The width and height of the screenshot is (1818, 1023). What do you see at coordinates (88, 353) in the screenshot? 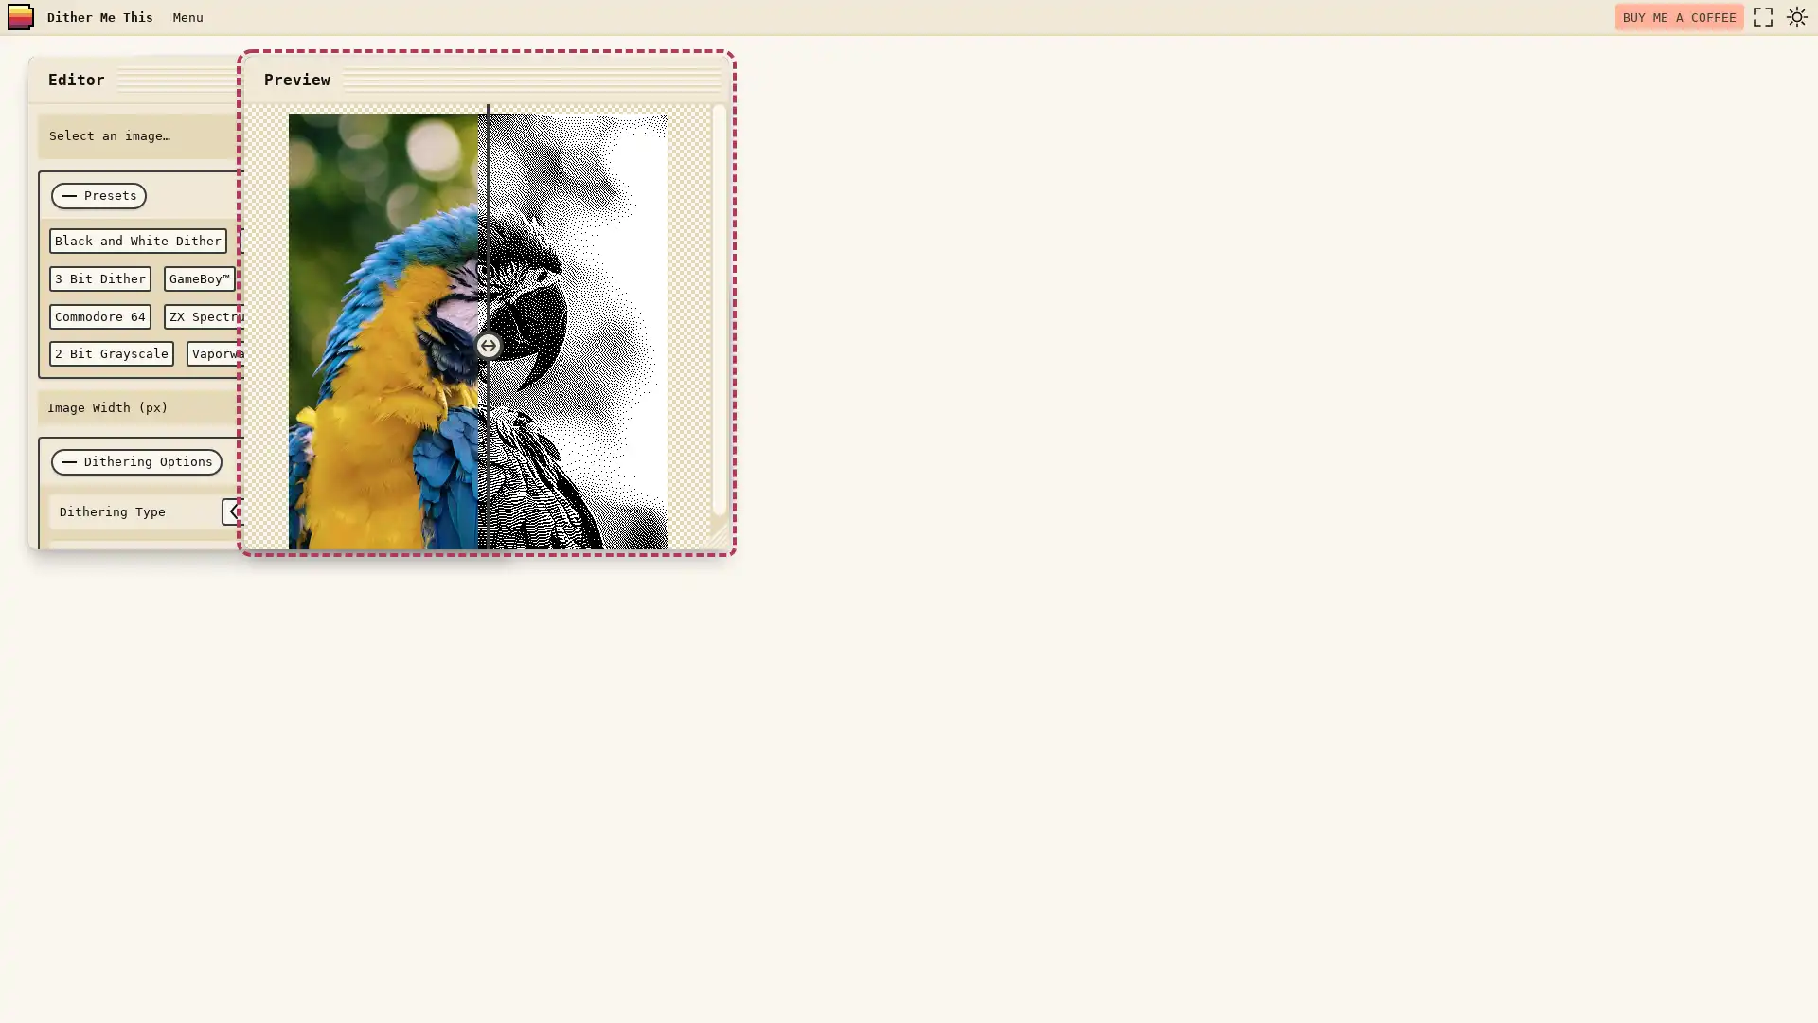
I see `Vaporwave` at bounding box center [88, 353].